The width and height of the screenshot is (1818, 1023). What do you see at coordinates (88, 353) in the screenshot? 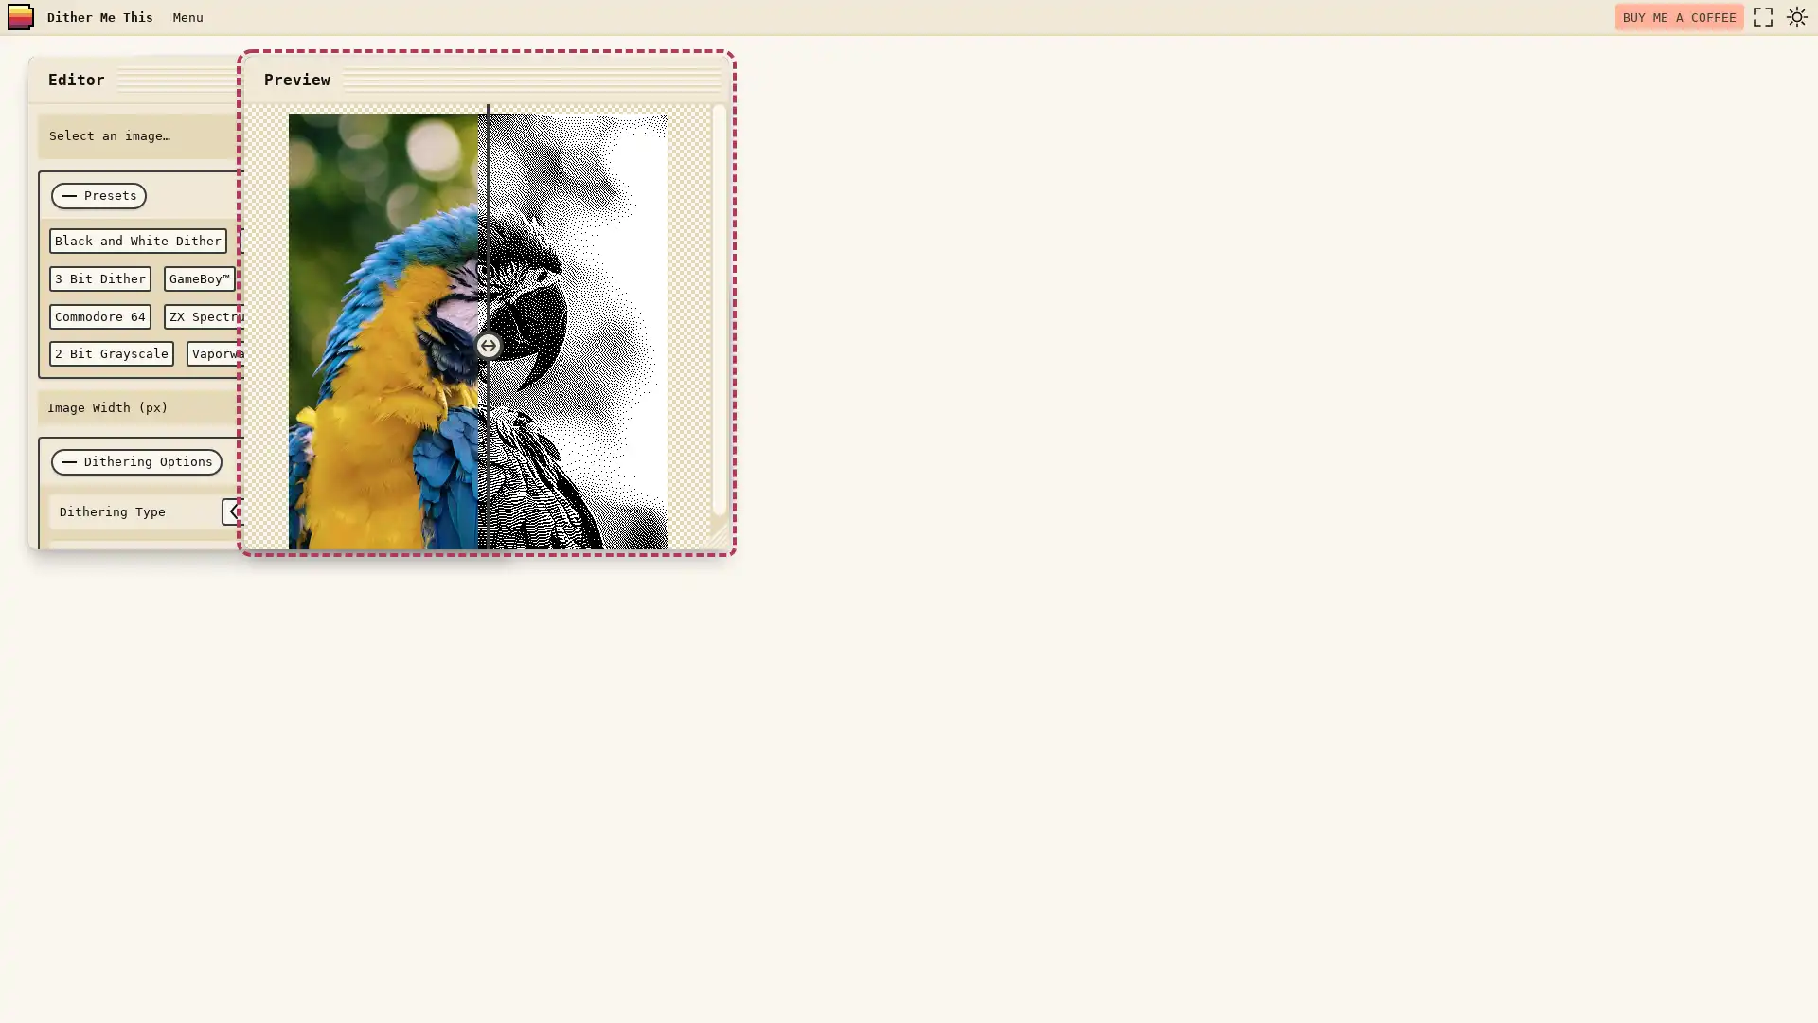
I see `Vaporwave` at bounding box center [88, 353].